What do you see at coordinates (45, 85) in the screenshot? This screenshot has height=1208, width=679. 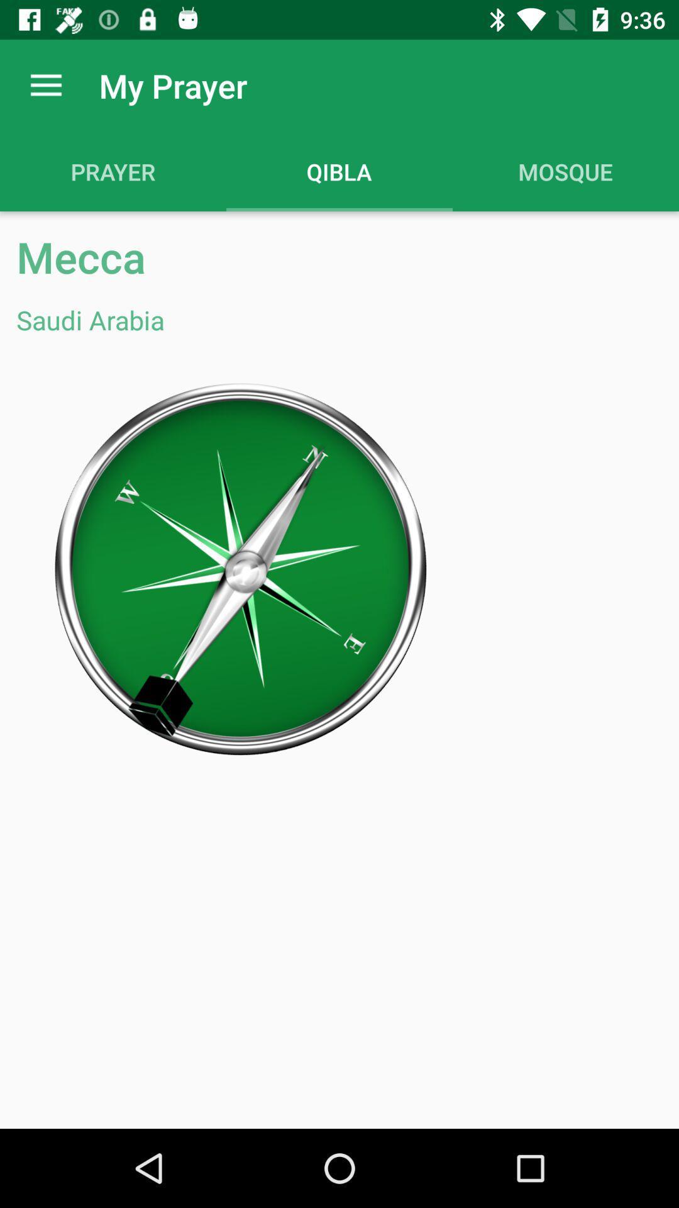 I see `app to the left of my prayer app` at bounding box center [45, 85].